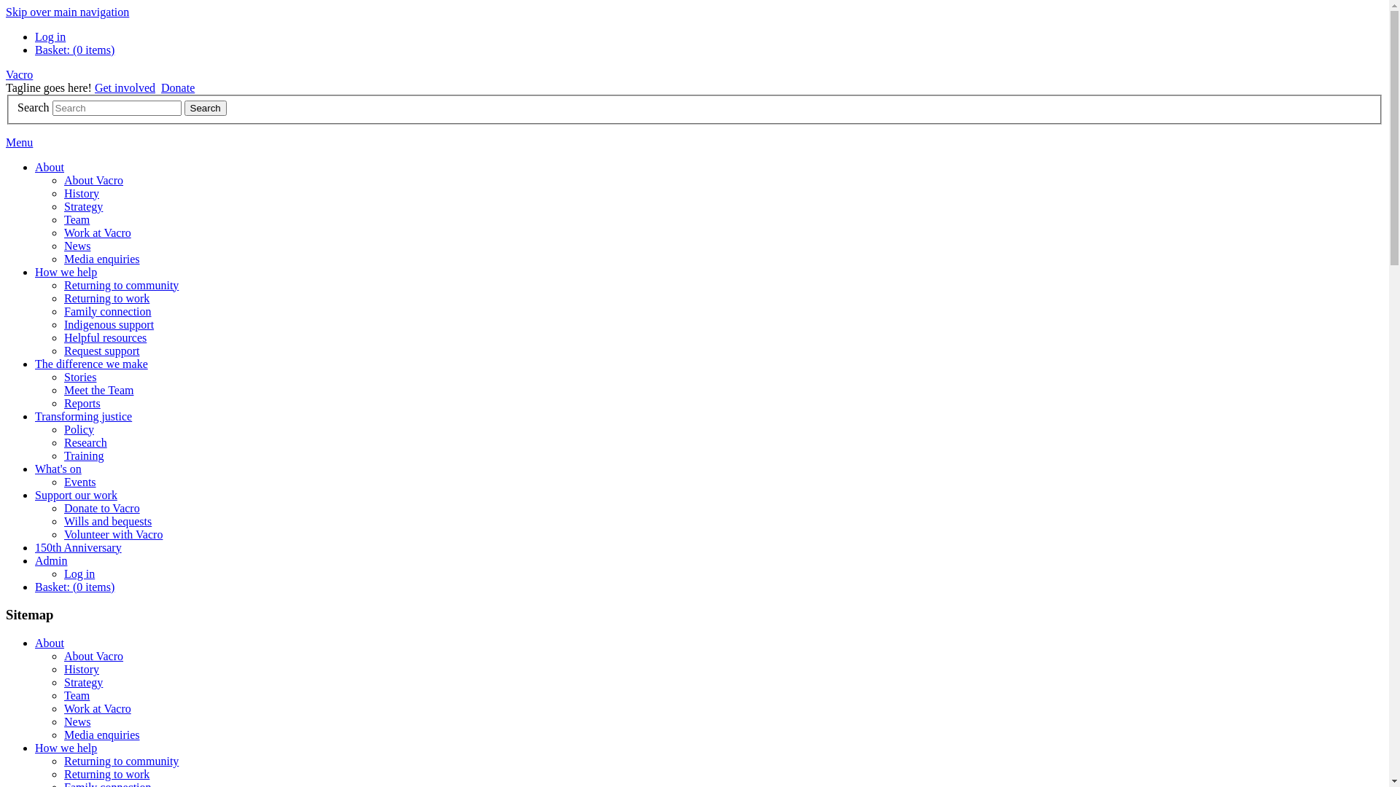 The height and width of the screenshot is (787, 1400). I want to click on 'Get involved', so click(125, 87).